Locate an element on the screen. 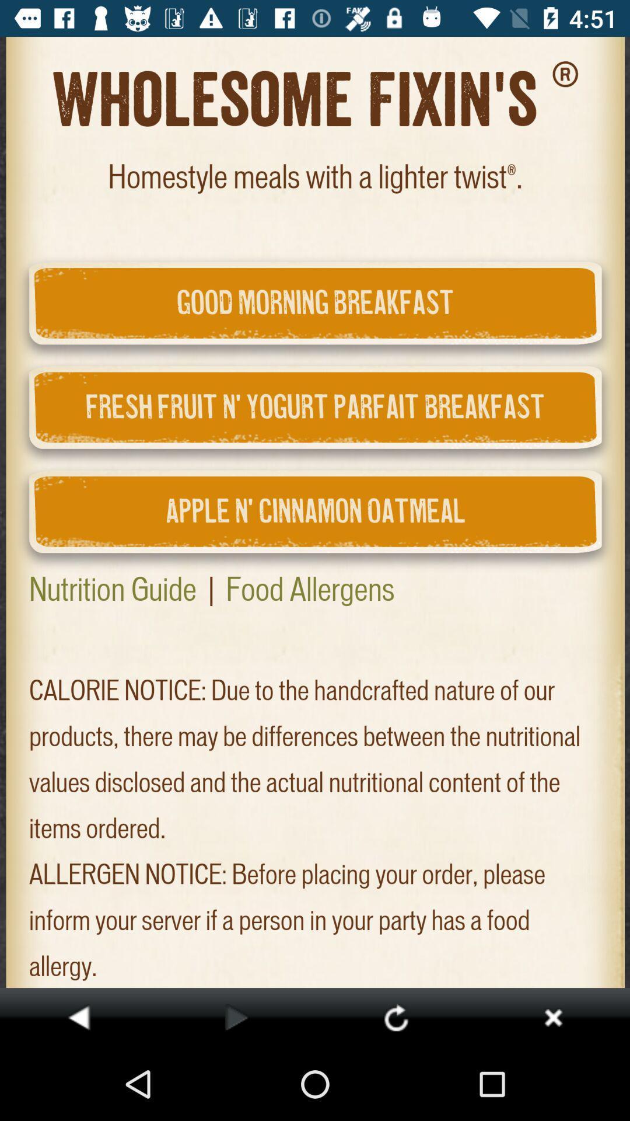  the arrow_backward icon is located at coordinates (79, 1016).